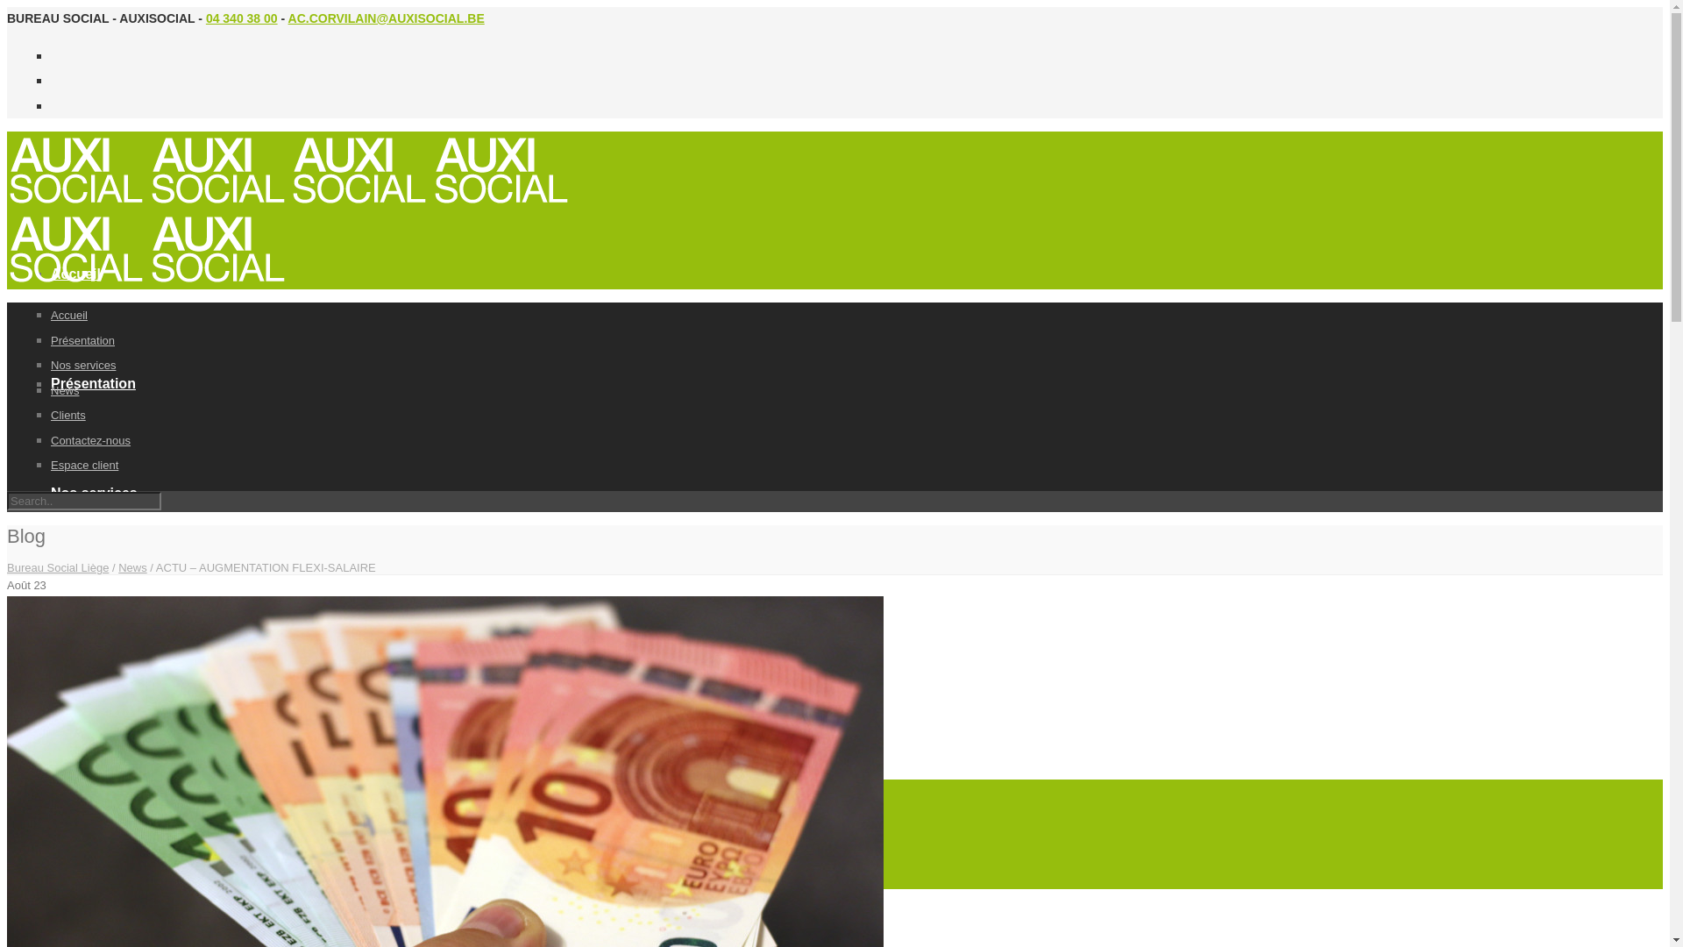 The image size is (1683, 947). Describe the element at coordinates (82, 364) in the screenshot. I see `'Nos services'` at that location.